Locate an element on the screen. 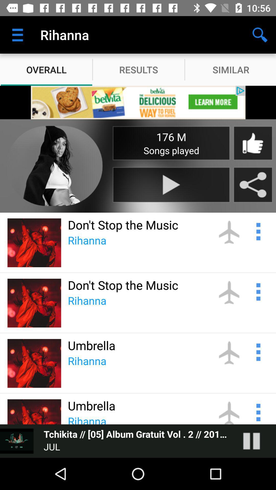 Image resolution: width=276 pixels, height=490 pixels. like the item is located at coordinates (252, 143).